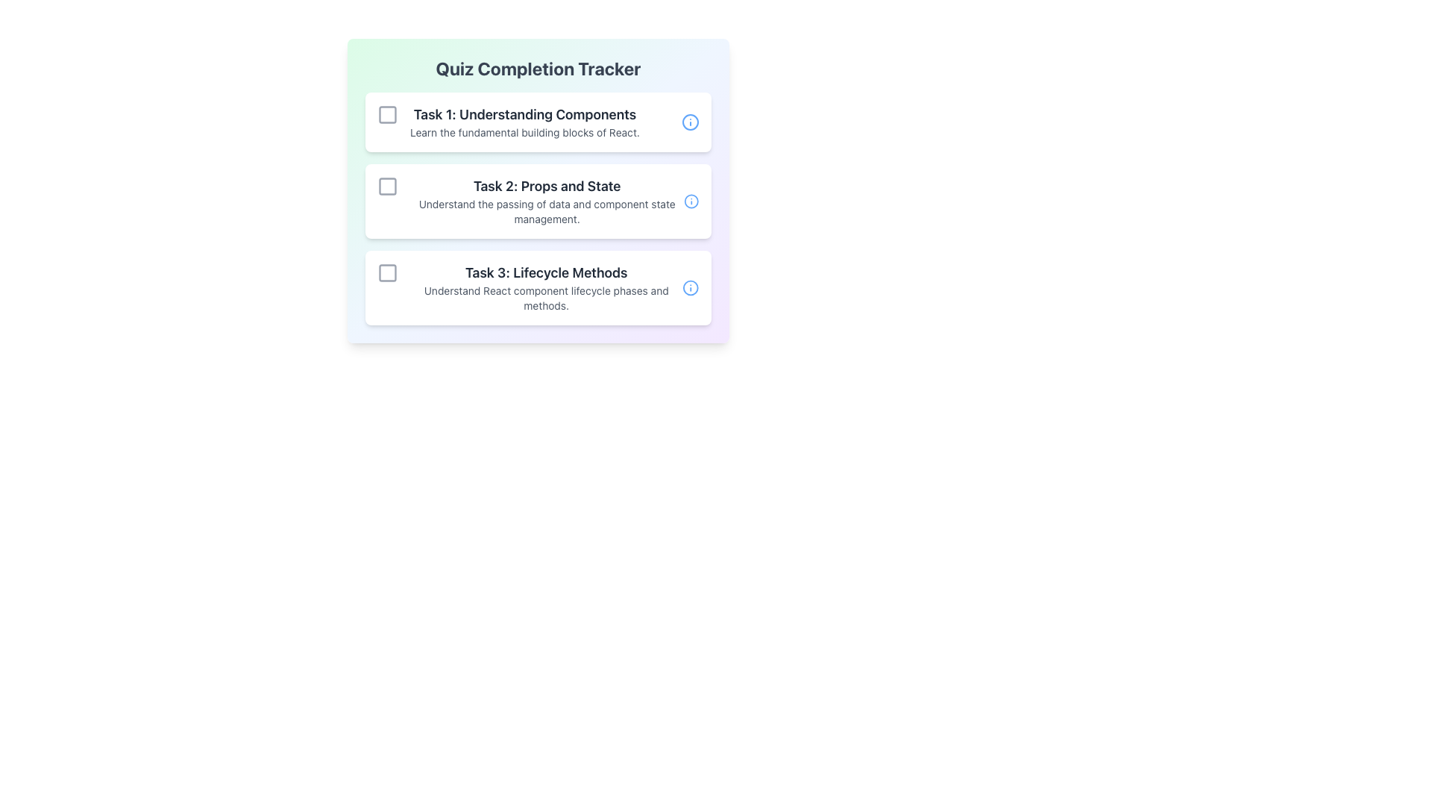  What do you see at coordinates (545, 299) in the screenshot?
I see `the static textual content that provides a detailed description for 'Task 3: Lifecycle Methods', which is located centrally below the section title in the third section of the vertical list` at bounding box center [545, 299].